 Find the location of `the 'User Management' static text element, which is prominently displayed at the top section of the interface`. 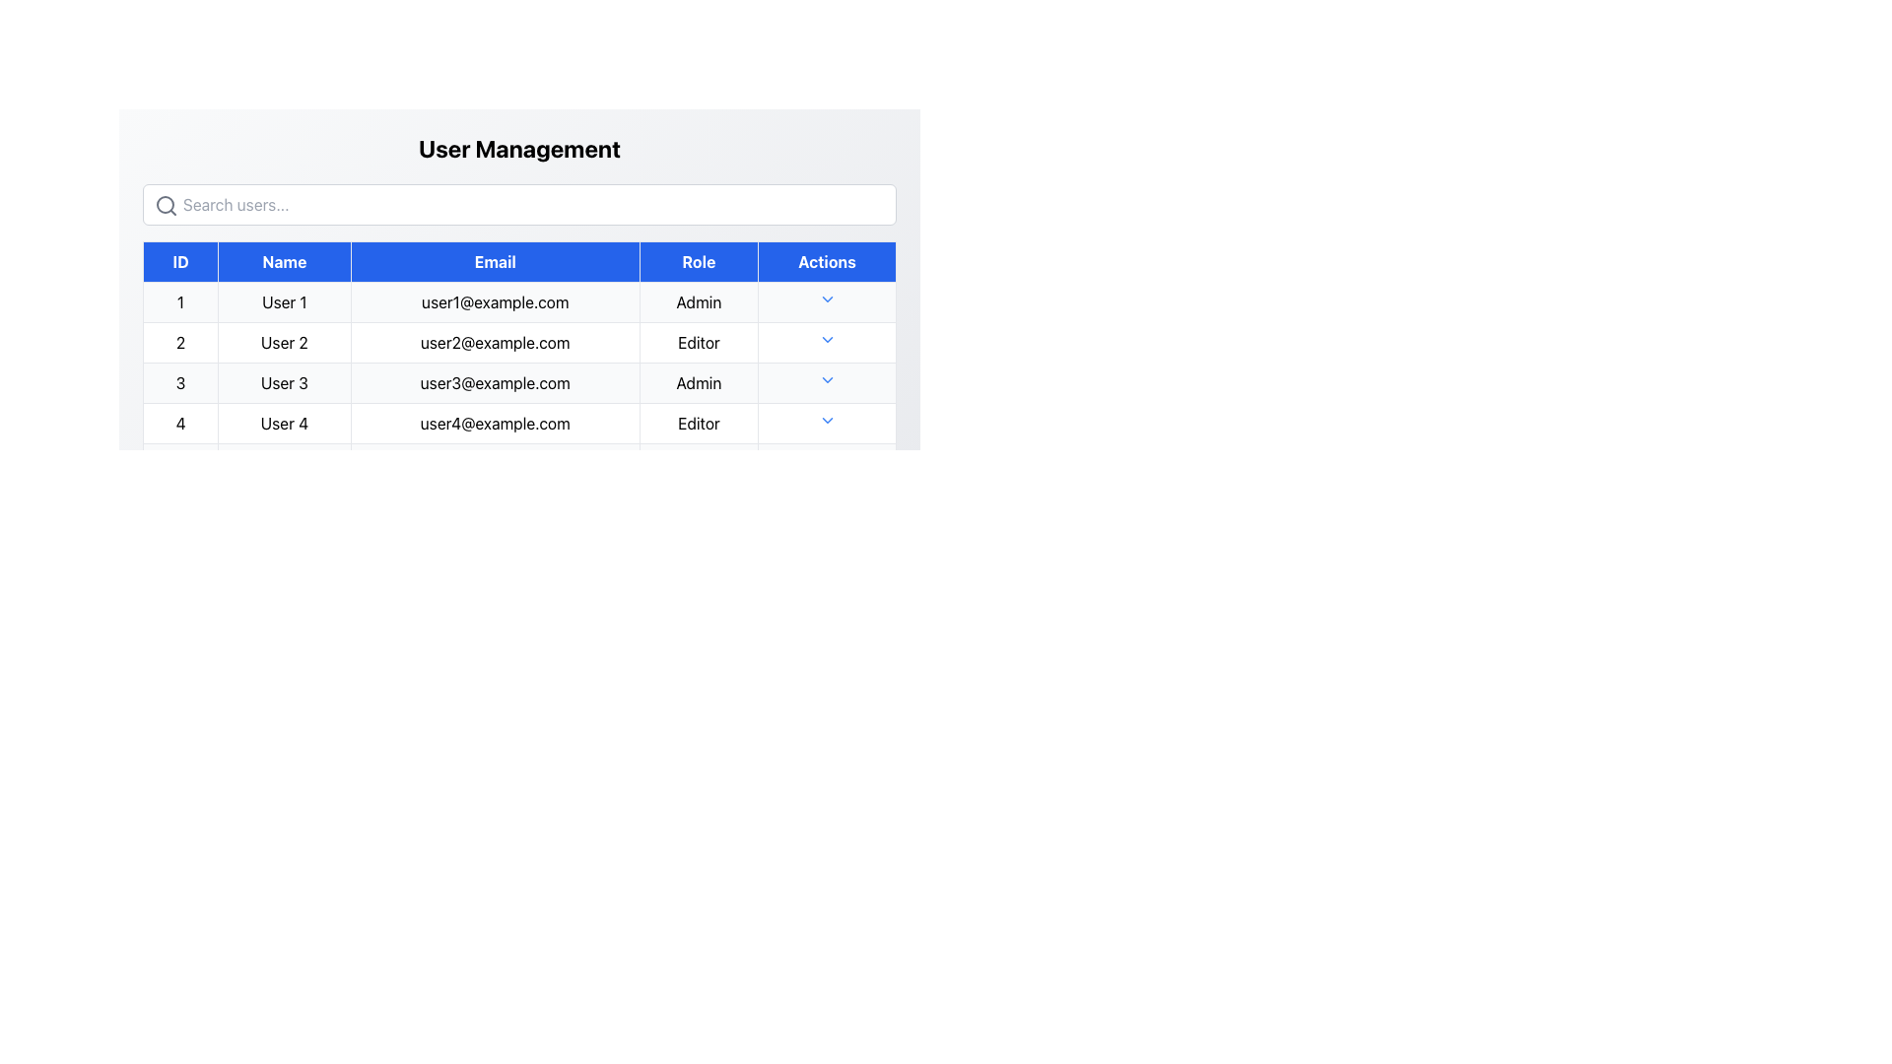

the 'User Management' static text element, which is prominently displayed at the top section of the interface is located at coordinates (519, 147).